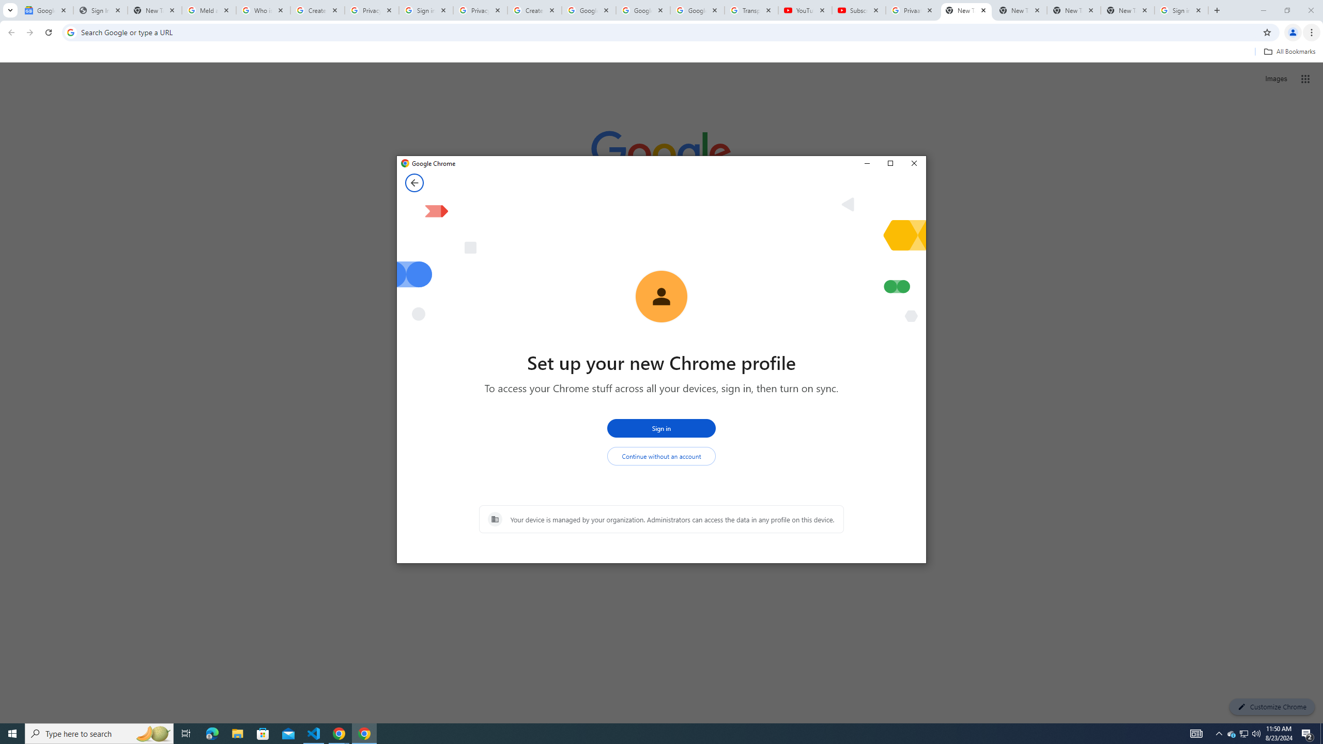  What do you see at coordinates (889, 164) in the screenshot?
I see `'Maximize'` at bounding box center [889, 164].